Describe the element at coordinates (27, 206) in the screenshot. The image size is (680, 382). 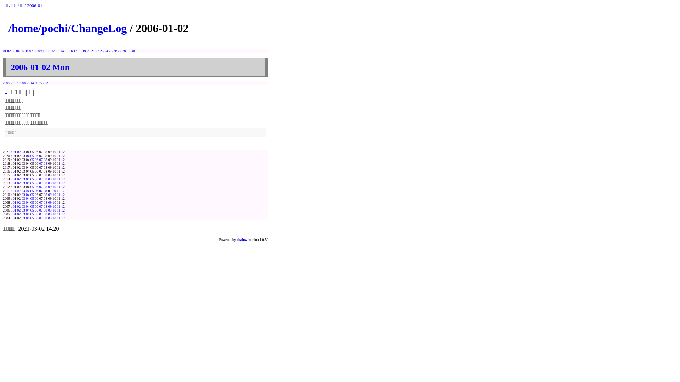
I see `'04'` at that location.